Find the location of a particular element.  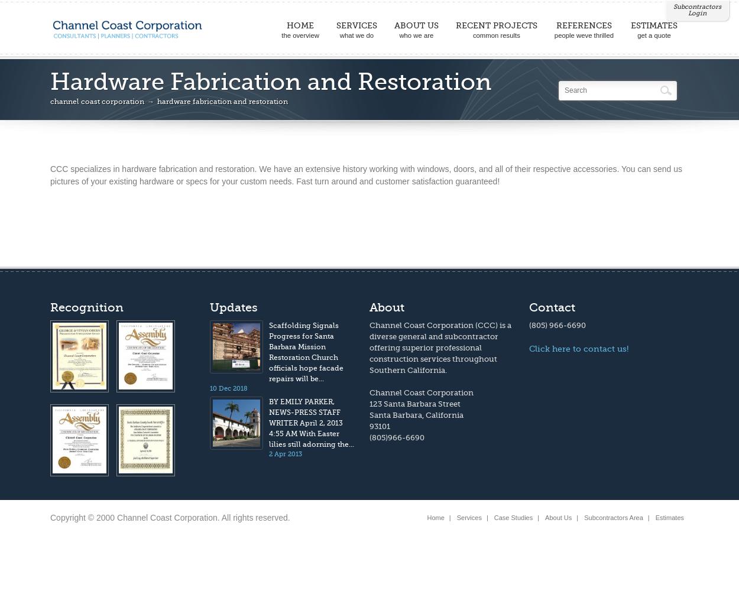

'123 Santa Barbara Street' is located at coordinates (414, 404).